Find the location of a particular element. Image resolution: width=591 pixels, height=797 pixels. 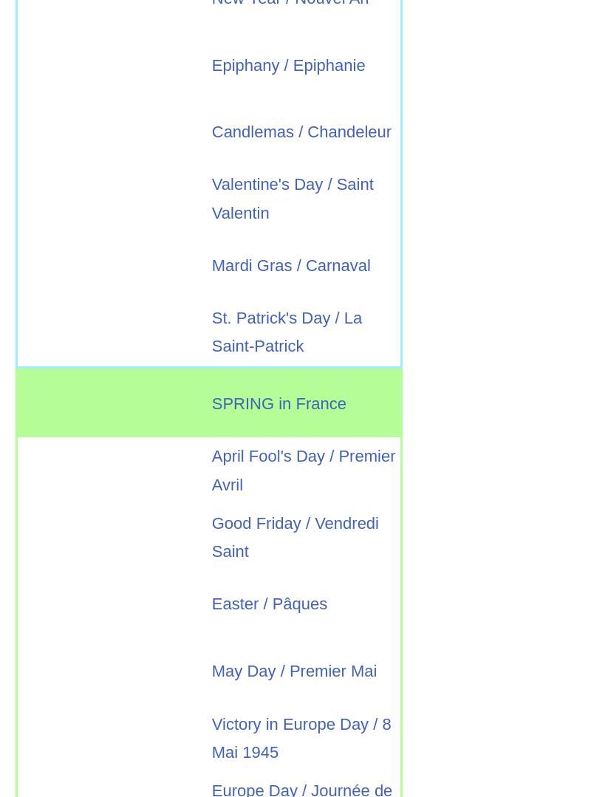

'Good Friday / Vendredi Saint' is located at coordinates (294, 536).